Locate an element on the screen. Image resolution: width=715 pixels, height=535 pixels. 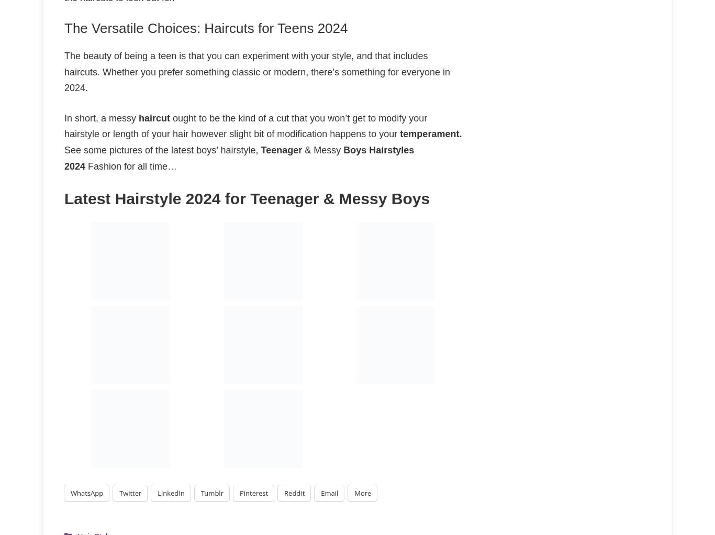
'The Versatile Choices: Haircuts for Teens 2024' is located at coordinates (205, 28).